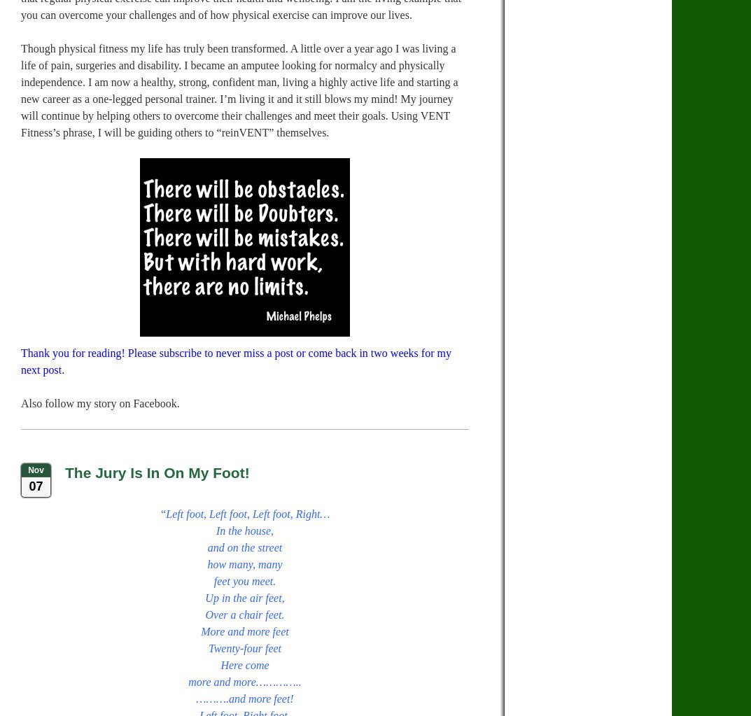 The height and width of the screenshot is (716, 751). I want to click on '07', so click(34, 486).